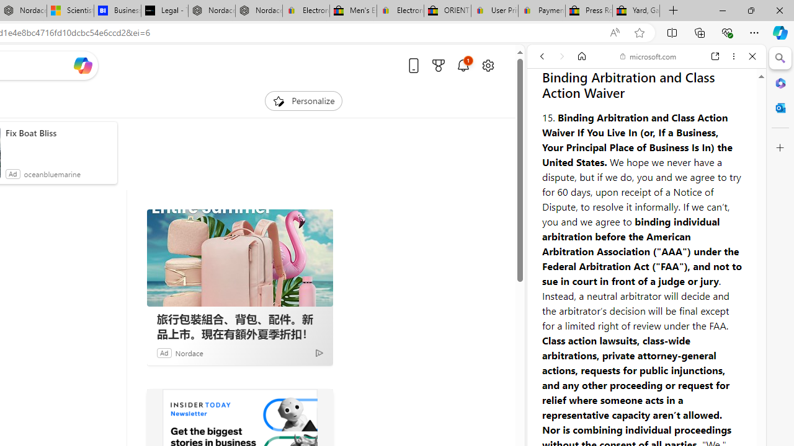  Describe the element at coordinates (780, 147) in the screenshot. I see `'Customize'` at that location.